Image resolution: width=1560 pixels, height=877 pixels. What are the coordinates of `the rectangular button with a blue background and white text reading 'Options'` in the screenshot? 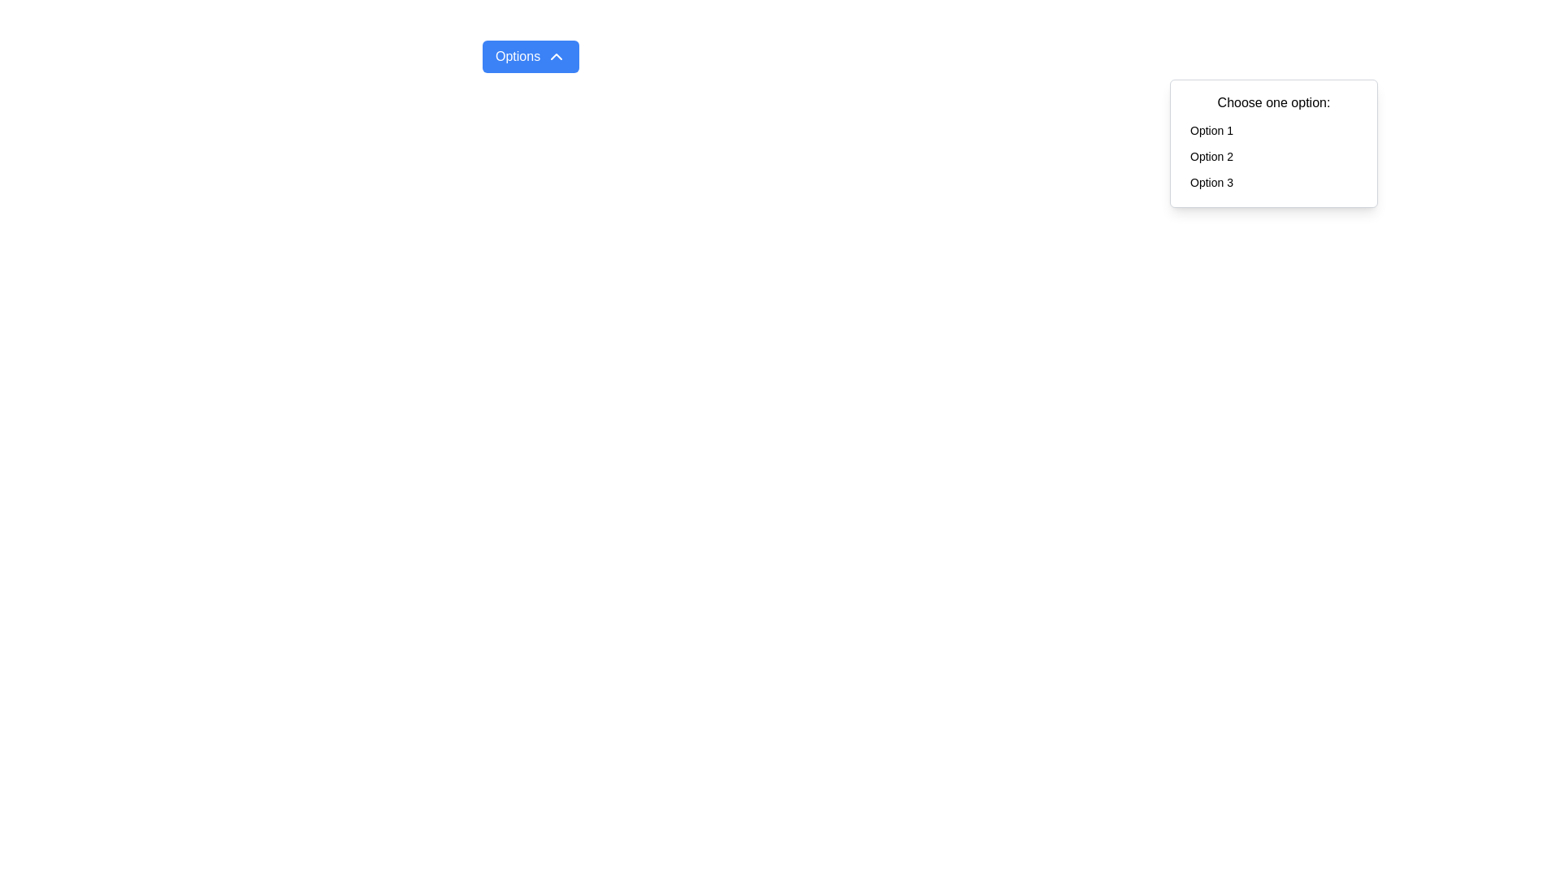 It's located at (531, 55).